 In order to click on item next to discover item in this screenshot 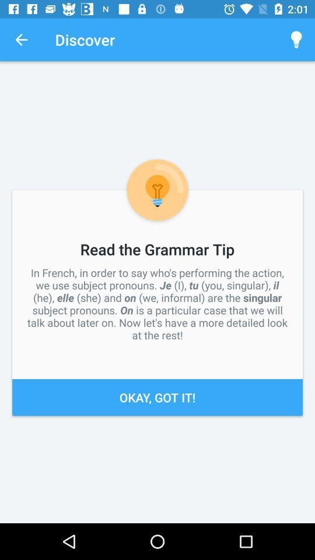, I will do `click(21, 40)`.